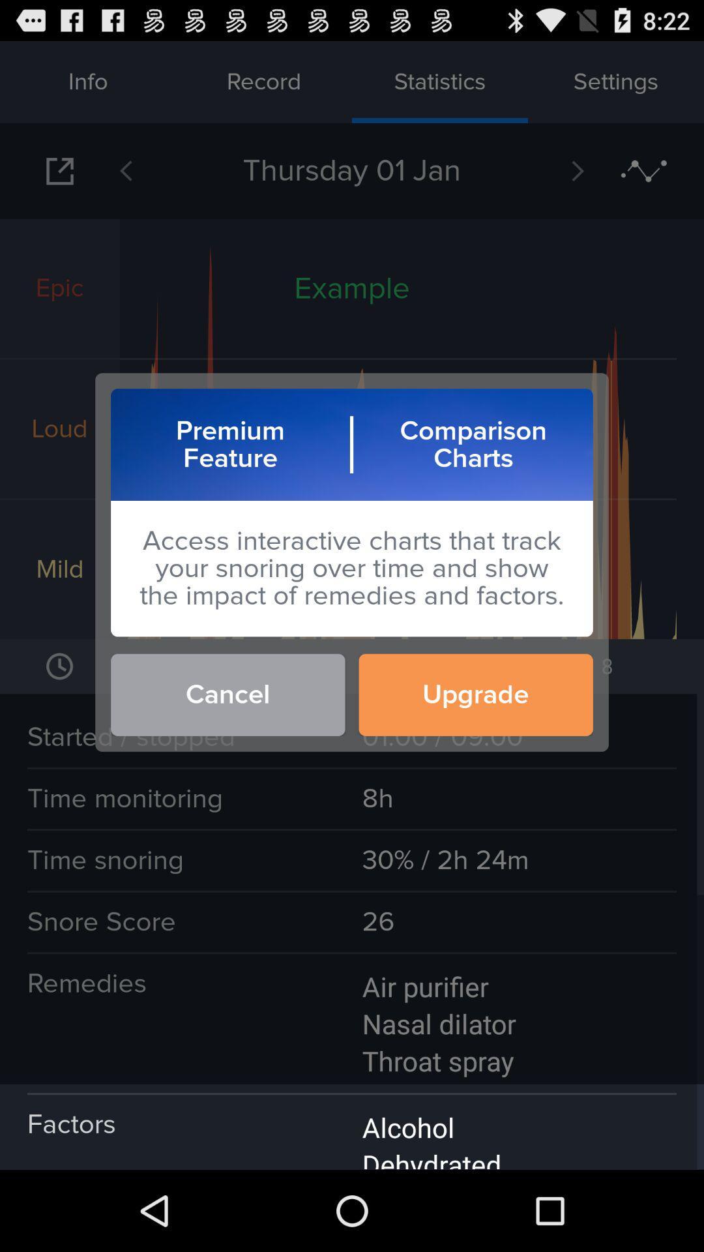 This screenshot has height=1252, width=704. Describe the element at coordinates (352, 1126) in the screenshot. I see `the item below the cancel` at that location.